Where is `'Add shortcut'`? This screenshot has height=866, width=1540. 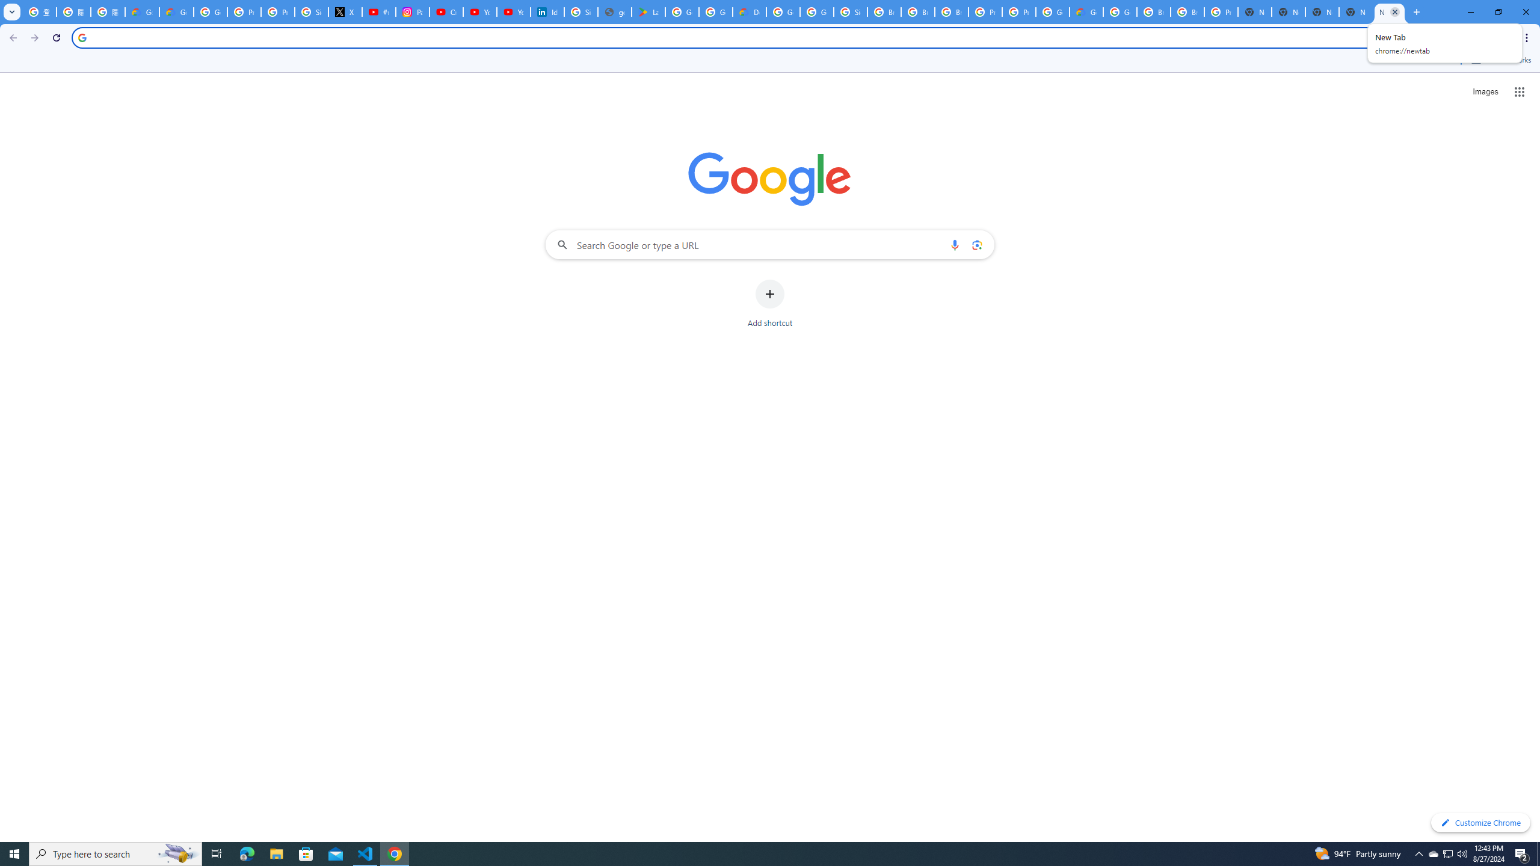
'Add shortcut' is located at coordinates (770, 304).